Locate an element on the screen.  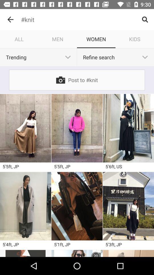
the men icon is located at coordinates (58, 39).